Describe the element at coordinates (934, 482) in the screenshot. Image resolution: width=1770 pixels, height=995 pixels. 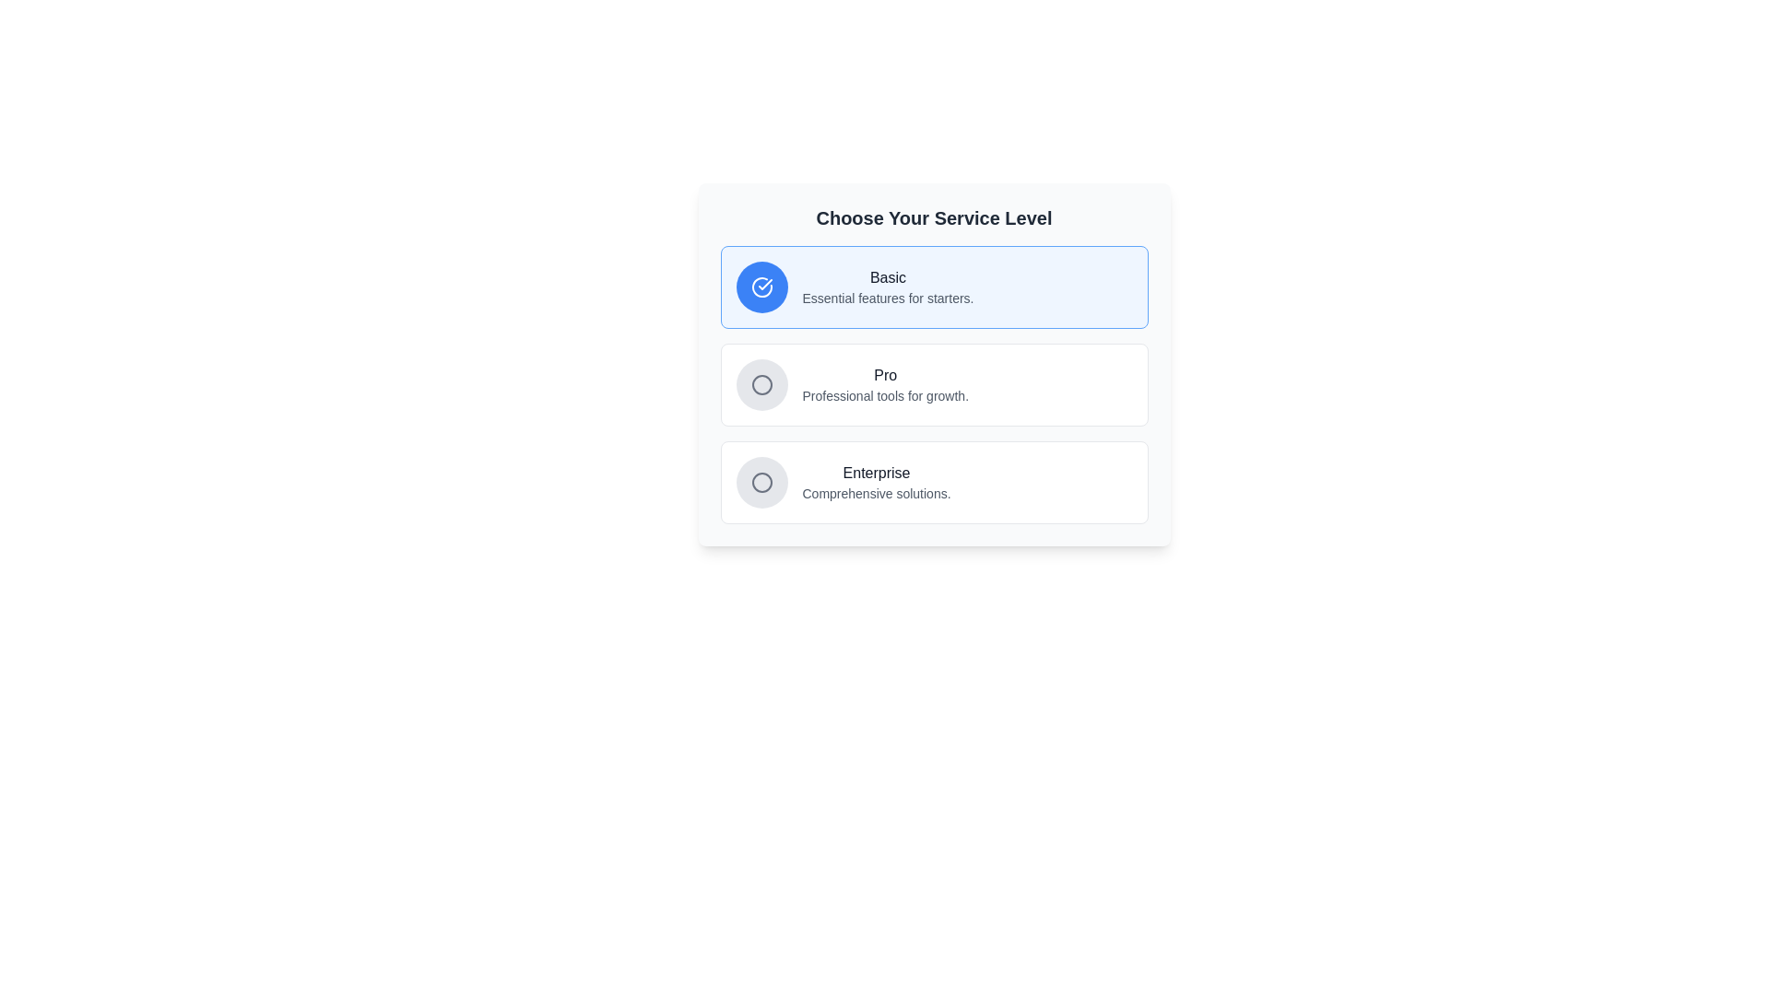
I see `the third selectable card in the vertical list` at that location.